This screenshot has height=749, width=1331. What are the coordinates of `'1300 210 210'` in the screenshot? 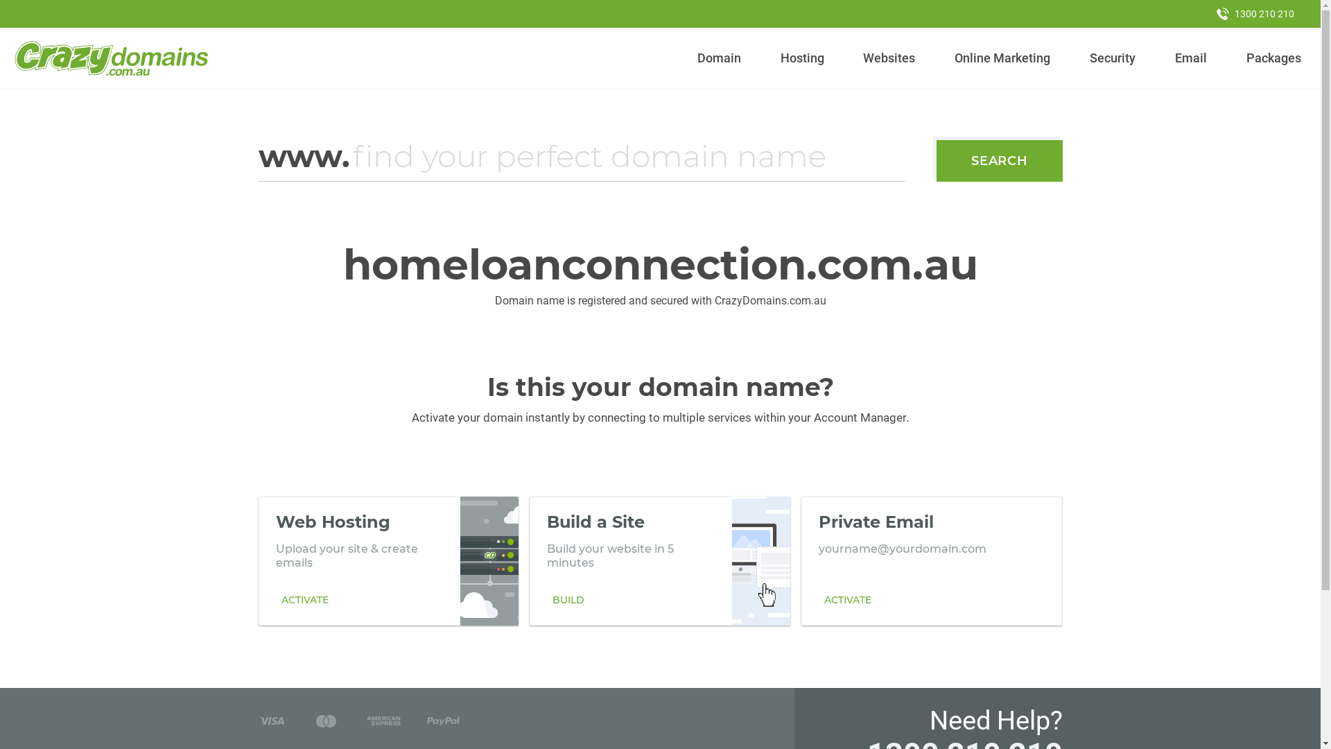 It's located at (1255, 13).